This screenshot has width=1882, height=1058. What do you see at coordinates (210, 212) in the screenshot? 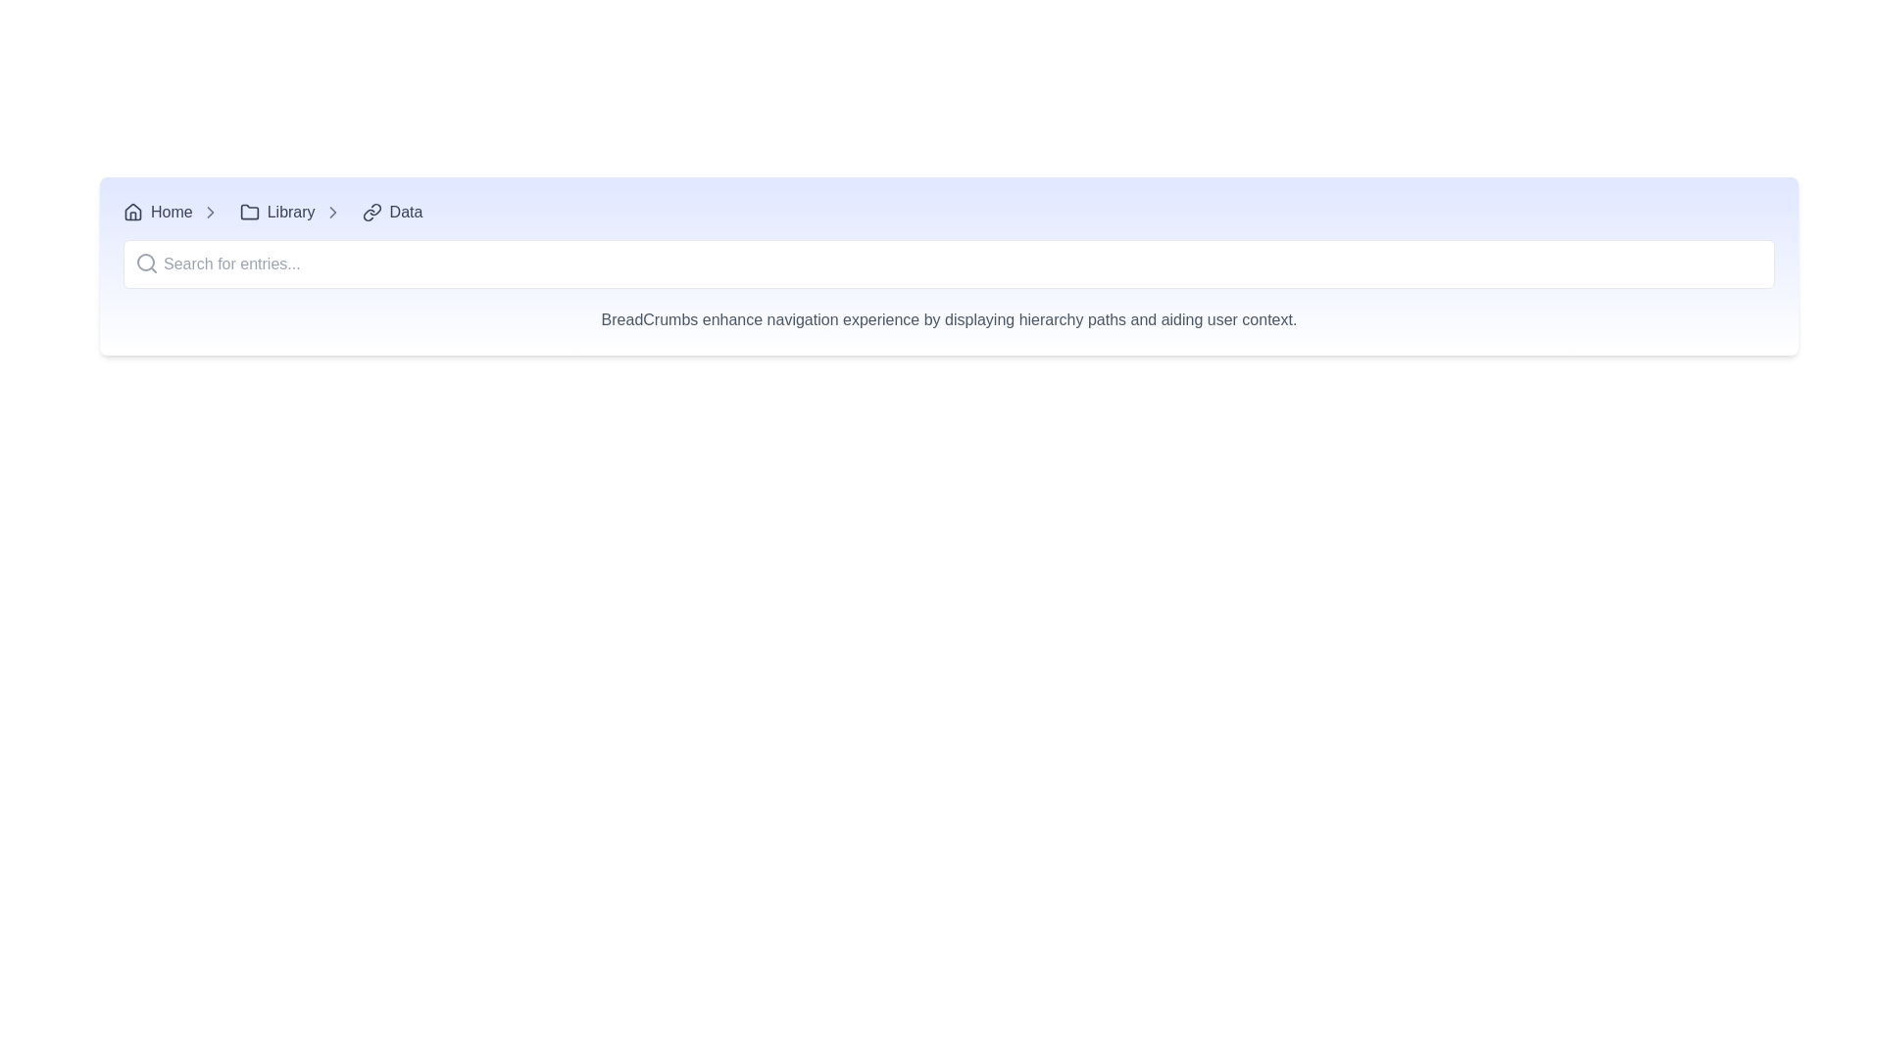
I see `the right-pointing chevron icon located in the breadcrumb trail, positioned to the right of the 'Home' text and preceding the 'Library' text` at bounding box center [210, 212].